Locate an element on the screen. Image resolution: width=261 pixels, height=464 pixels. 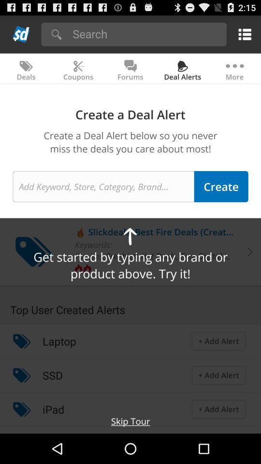
the app to the right of the forums: app is located at coordinates (170, 255).